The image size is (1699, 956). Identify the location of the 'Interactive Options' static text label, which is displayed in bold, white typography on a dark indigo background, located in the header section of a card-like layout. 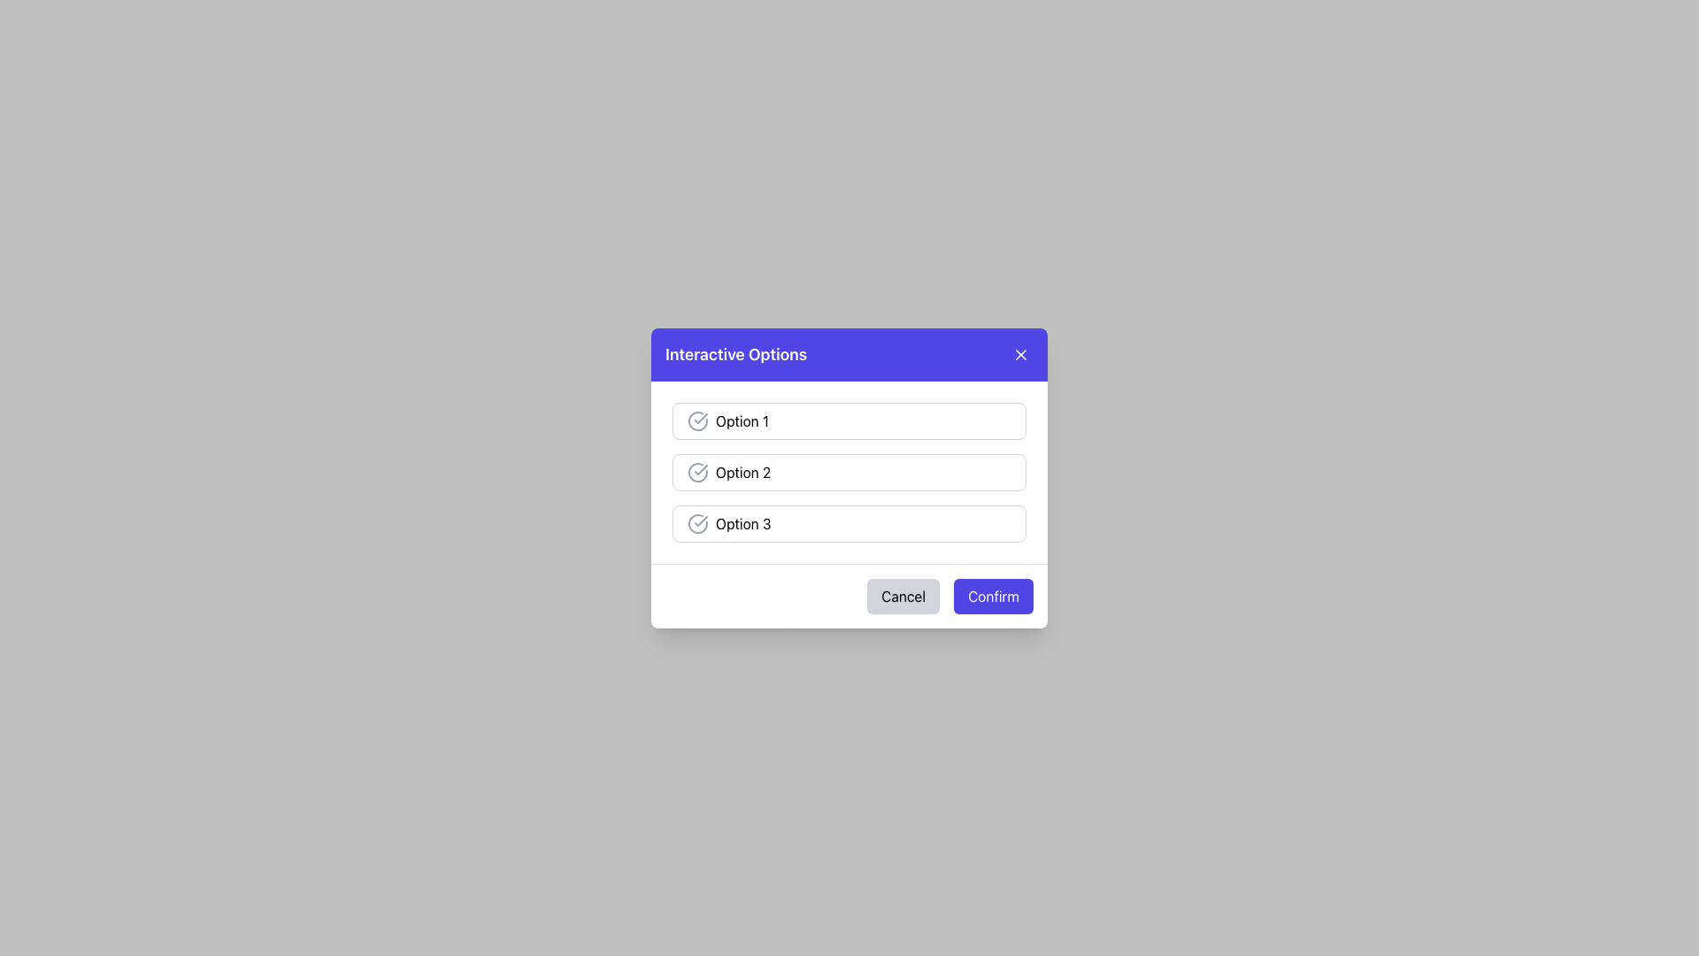
(736, 354).